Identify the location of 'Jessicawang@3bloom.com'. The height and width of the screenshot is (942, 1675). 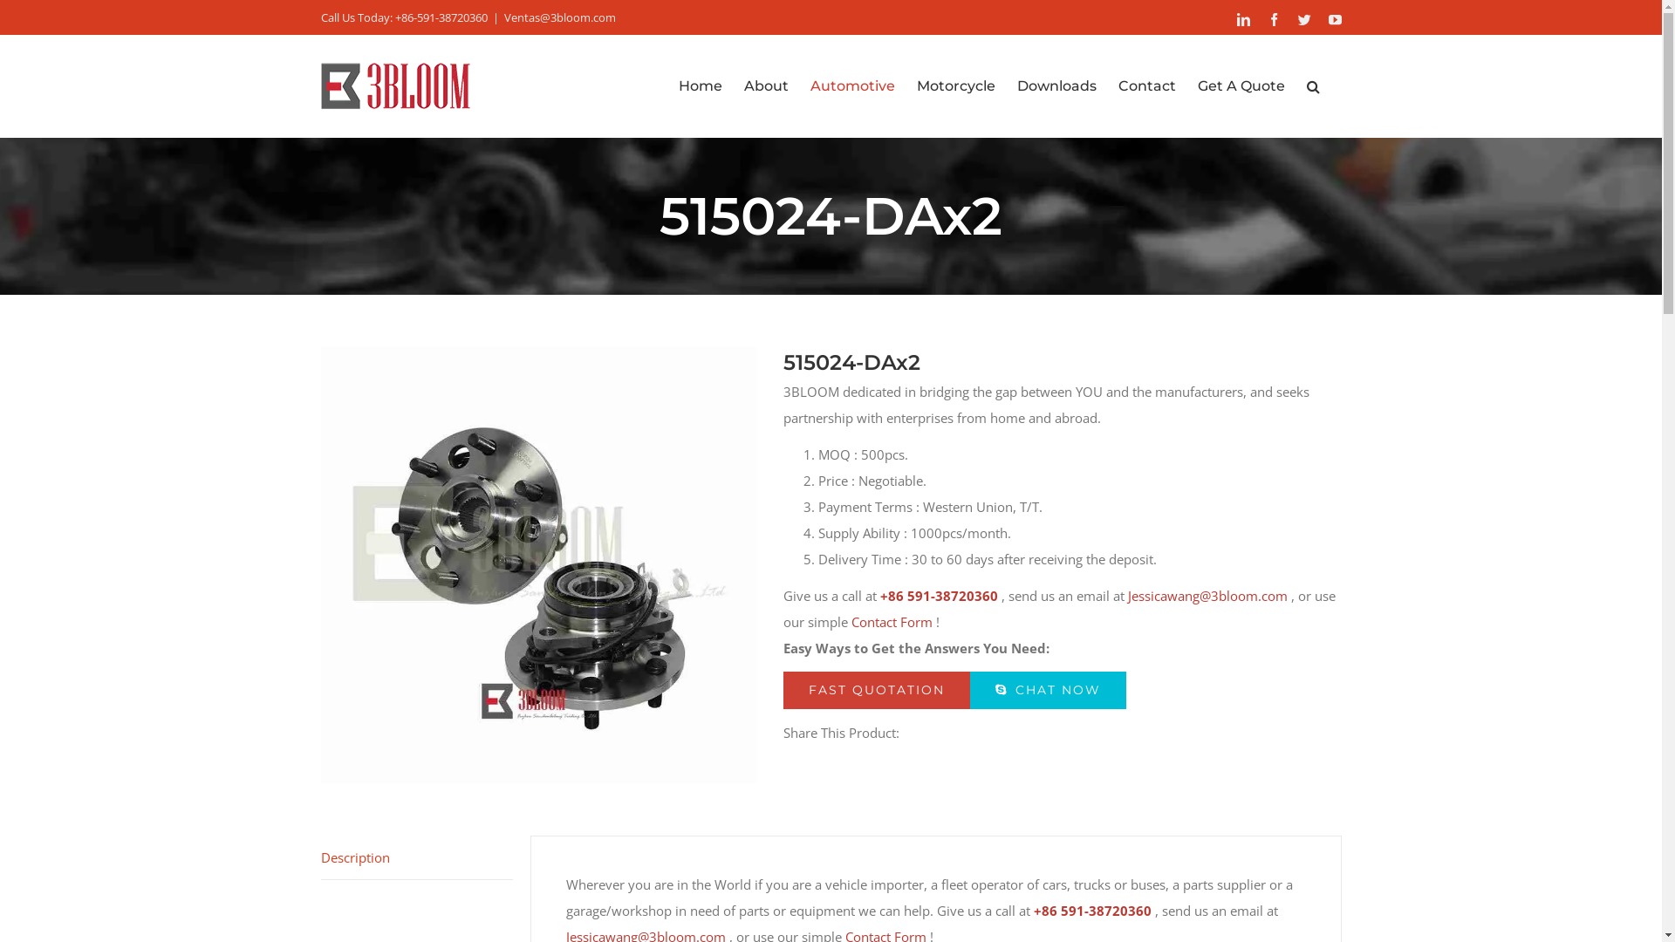
(1126, 594).